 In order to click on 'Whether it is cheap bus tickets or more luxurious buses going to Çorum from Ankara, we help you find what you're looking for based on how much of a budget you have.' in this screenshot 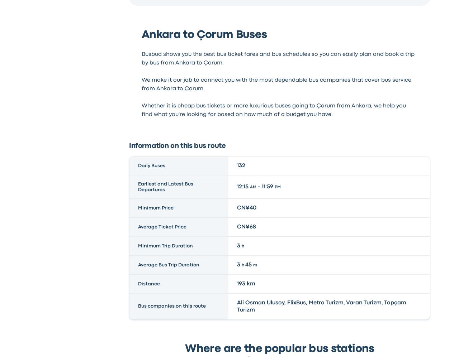, I will do `click(273, 110)`.